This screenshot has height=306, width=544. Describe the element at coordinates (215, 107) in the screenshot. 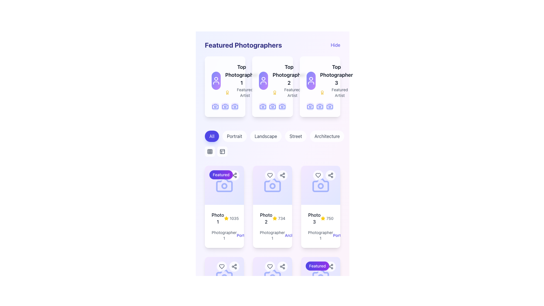

I see `the square-shaped icon with rounded edges, featuring a gradient background and a blue camera symbol, located in the first position of the row under 'Top Photographer 1'` at that location.